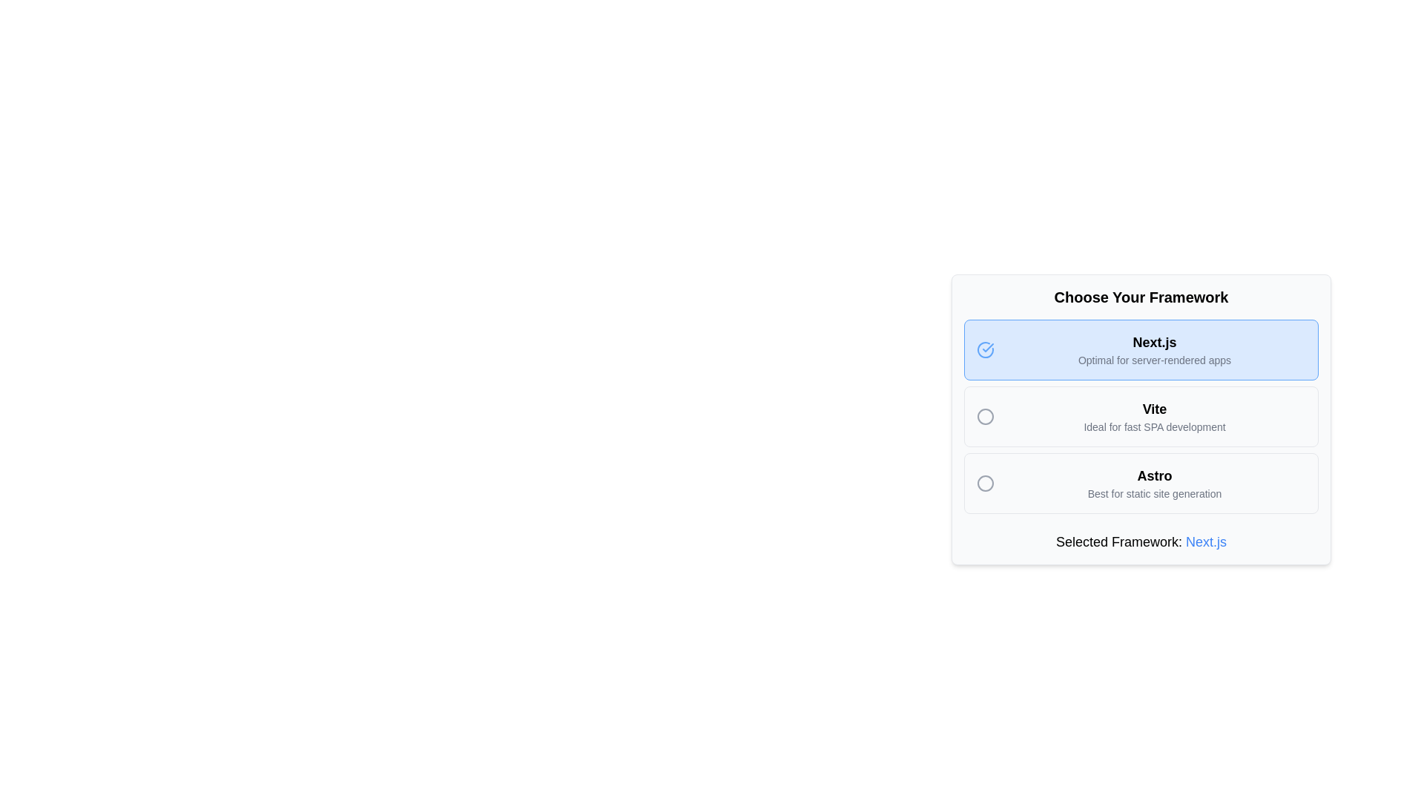 This screenshot has height=801, width=1424. Describe the element at coordinates (989, 417) in the screenshot. I see `the unselected radio button for the 'Vite' framework, which is a circular icon with a gray outline located to the left of the text 'ViteIdeal for fast SPA development'` at that location.